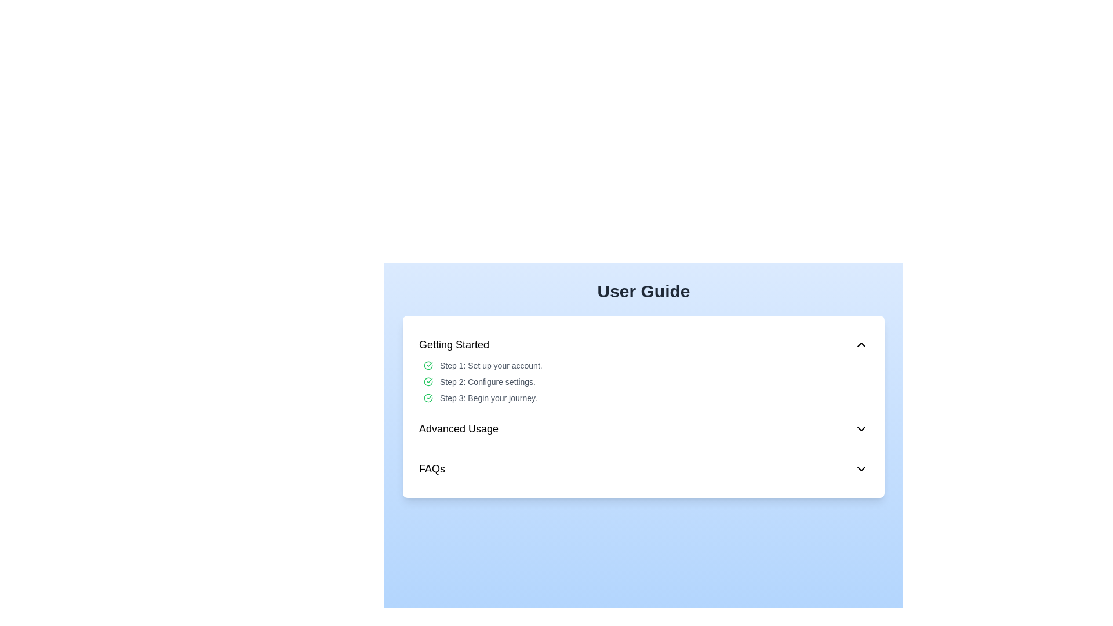  Describe the element at coordinates (861, 429) in the screenshot. I see `the chevron icon located on the far right side of the 'Advanced Usage' section in the User Guide interface` at that location.